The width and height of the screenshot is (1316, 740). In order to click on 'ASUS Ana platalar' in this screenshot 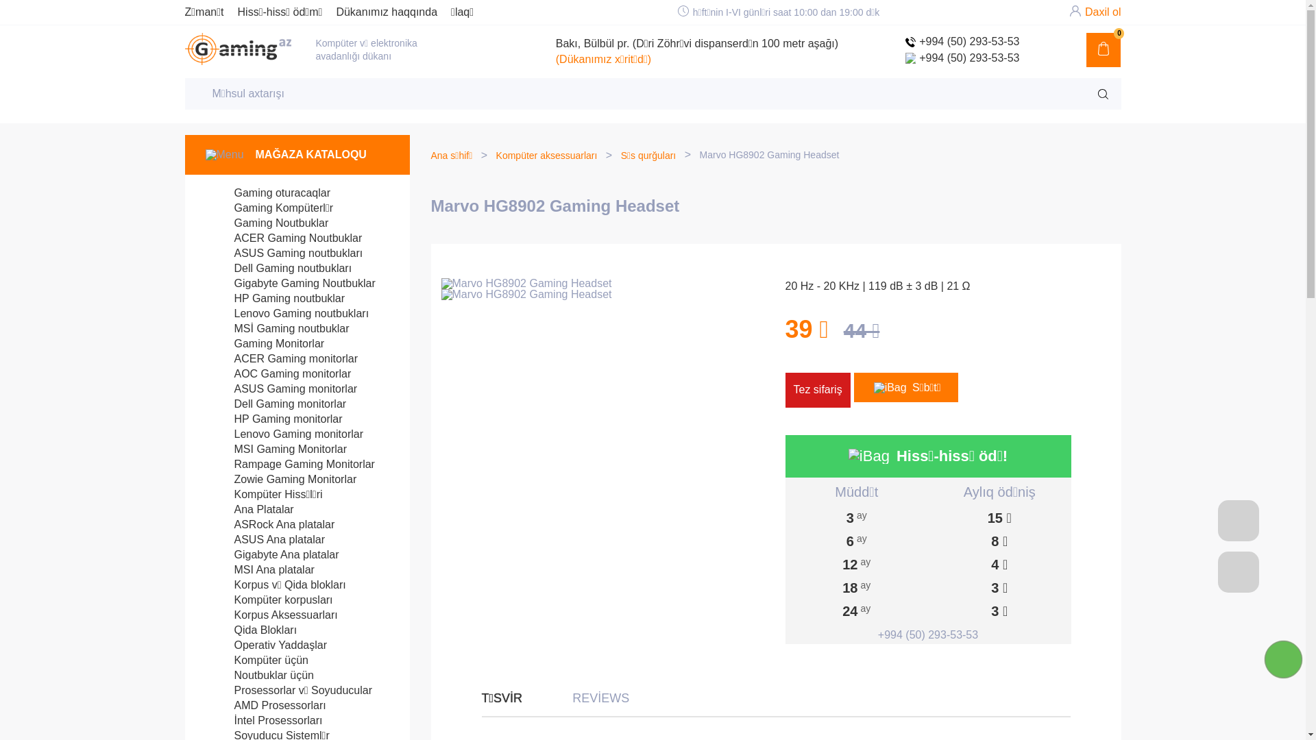, I will do `click(265, 539)`.